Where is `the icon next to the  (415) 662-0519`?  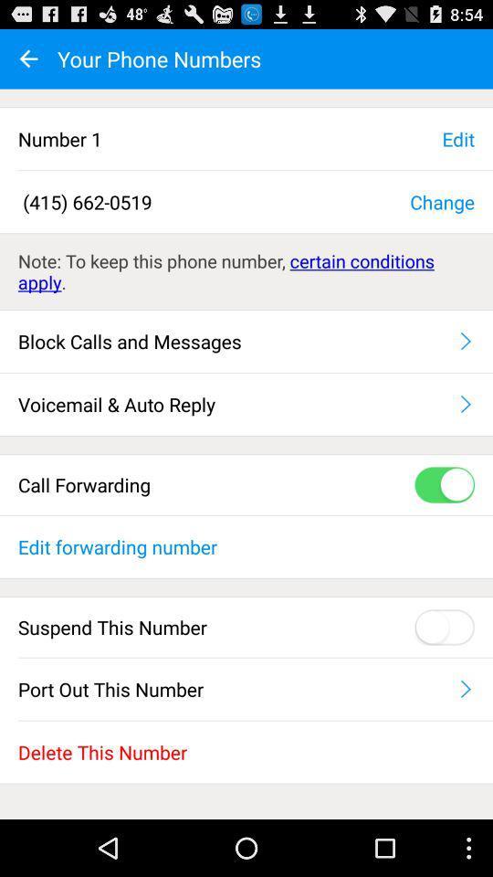
the icon next to the  (415) 662-0519 is located at coordinates (441, 201).